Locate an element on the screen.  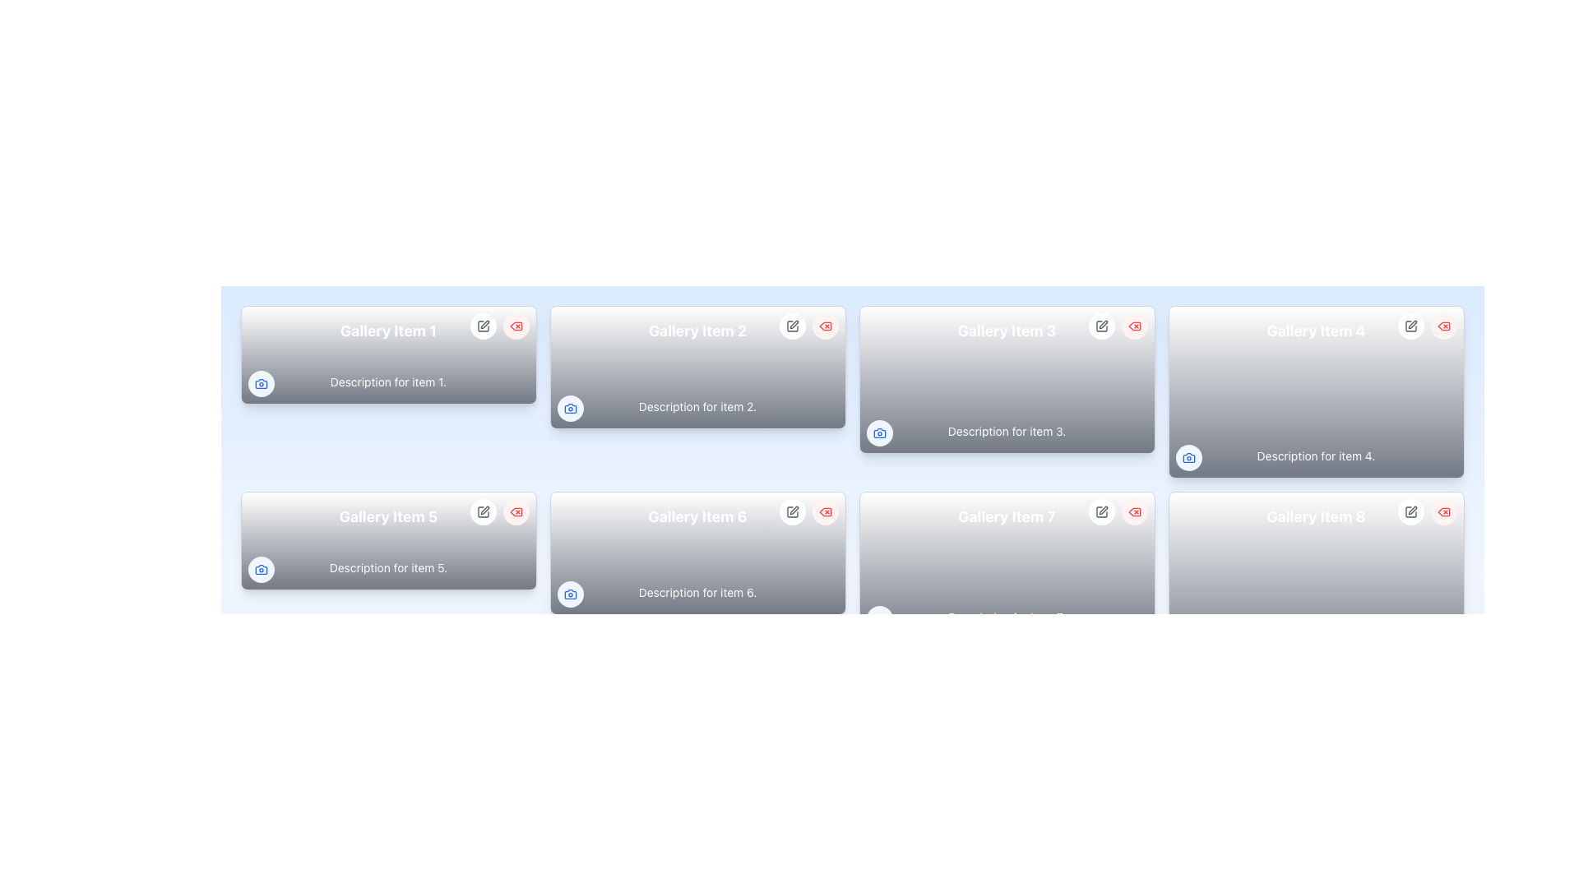
the small red trash can icon button located in the top-right corner of 'Gallery Item 7' is located at coordinates (1133, 511).